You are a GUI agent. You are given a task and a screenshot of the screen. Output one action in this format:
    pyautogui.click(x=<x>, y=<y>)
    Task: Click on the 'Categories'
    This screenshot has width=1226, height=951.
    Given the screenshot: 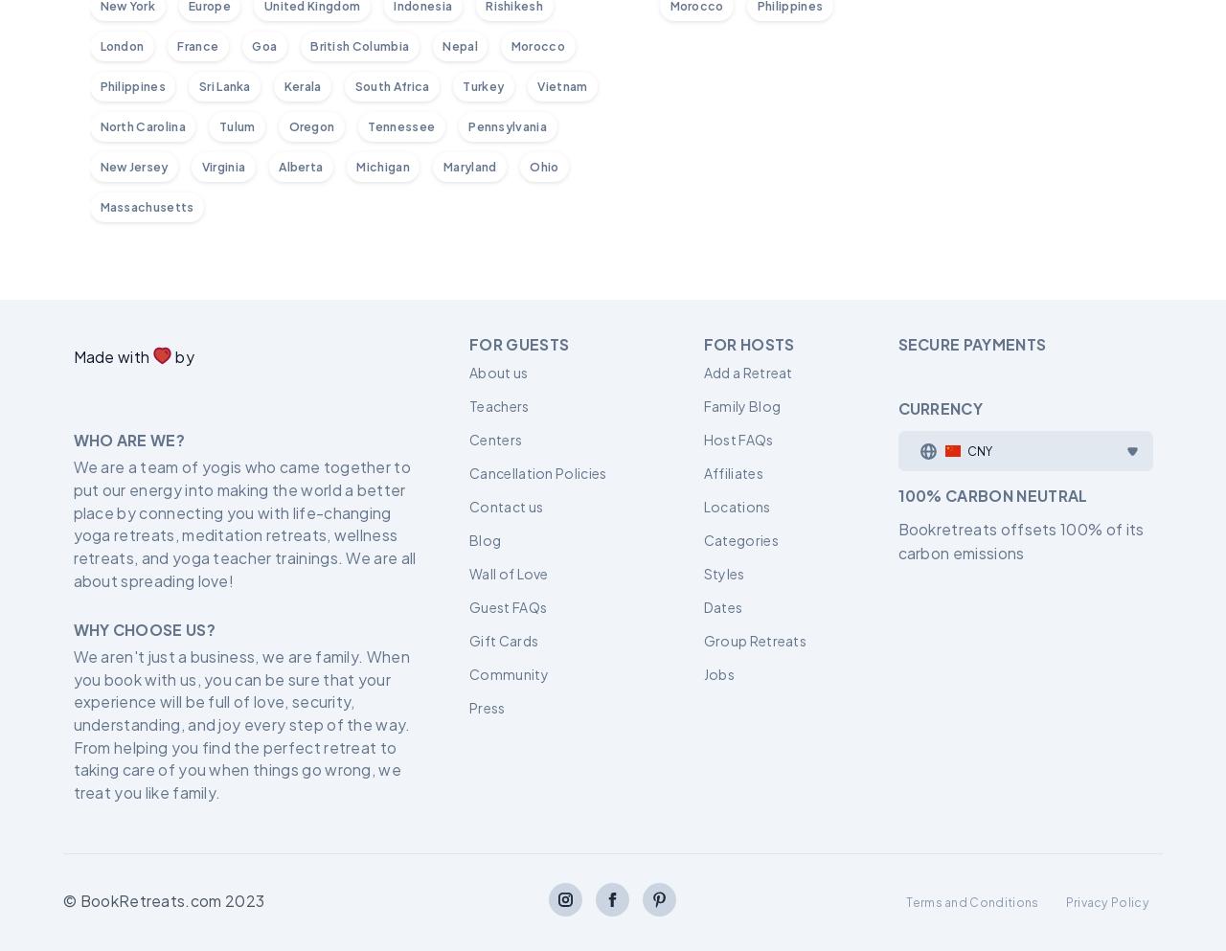 What is the action you would take?
    pyautogui.click(x=701, y=539)
    